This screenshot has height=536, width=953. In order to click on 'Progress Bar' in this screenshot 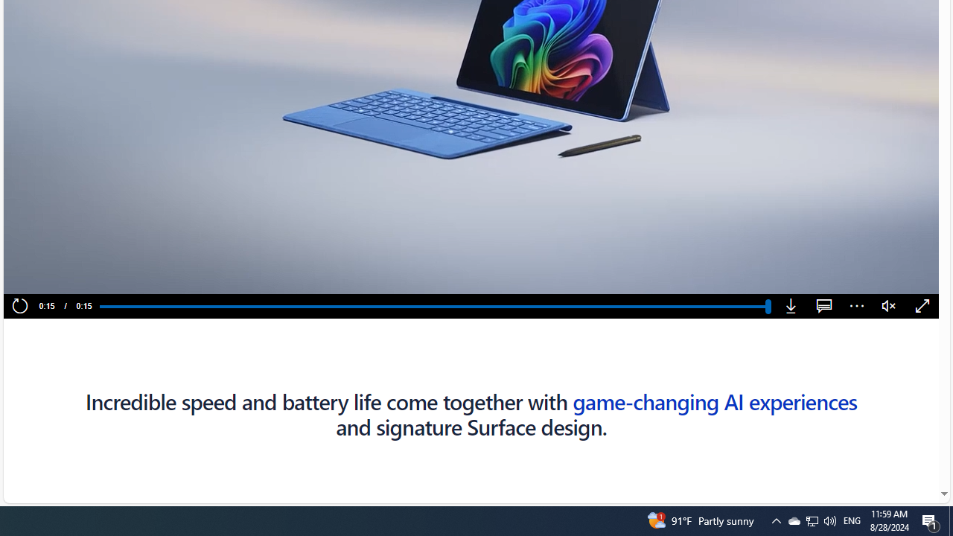, I will do `click(433, 305)`.